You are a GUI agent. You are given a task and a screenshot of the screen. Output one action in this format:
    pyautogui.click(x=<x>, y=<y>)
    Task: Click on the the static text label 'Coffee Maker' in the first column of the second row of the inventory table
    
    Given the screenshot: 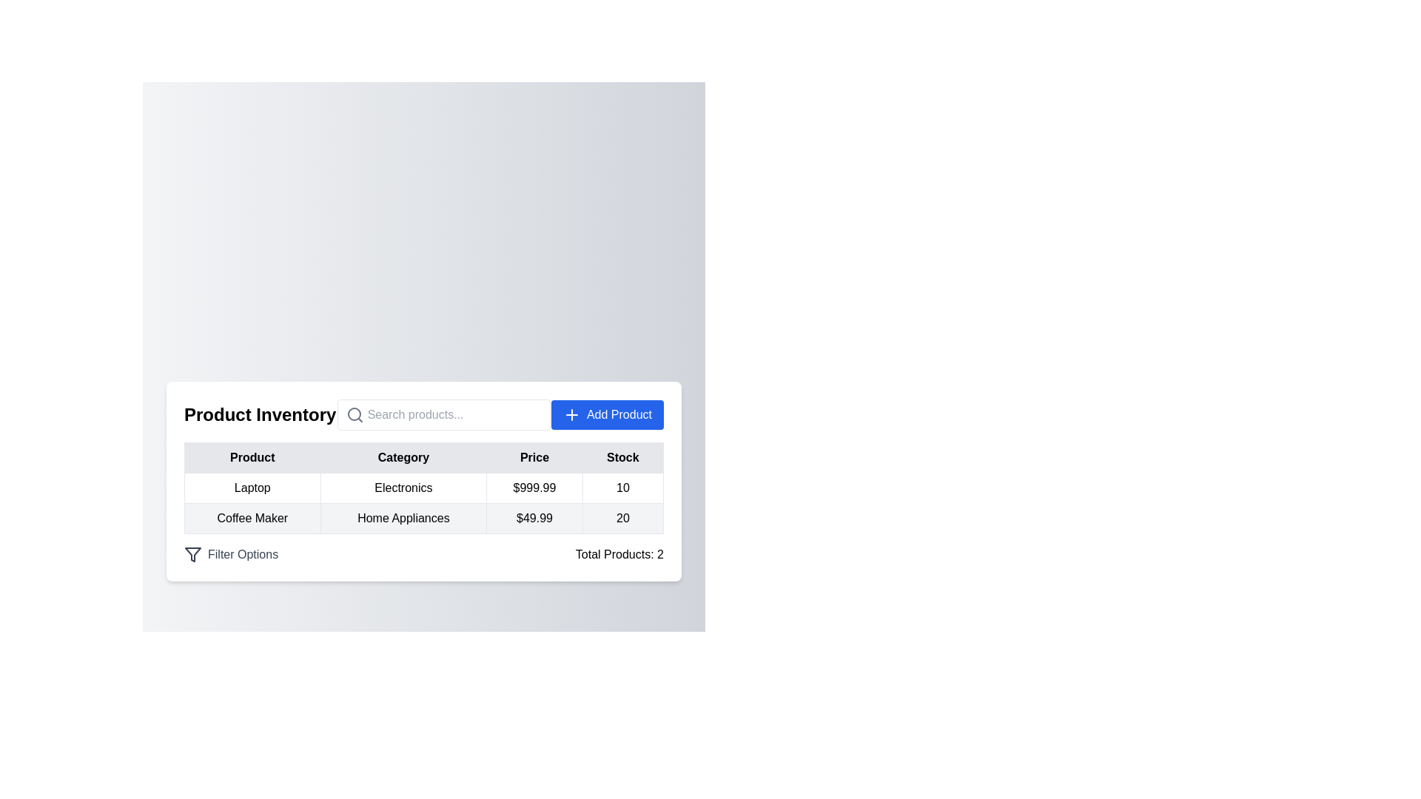 What is the action you would take?
    pyautogui.click(x=252, y=518)
    